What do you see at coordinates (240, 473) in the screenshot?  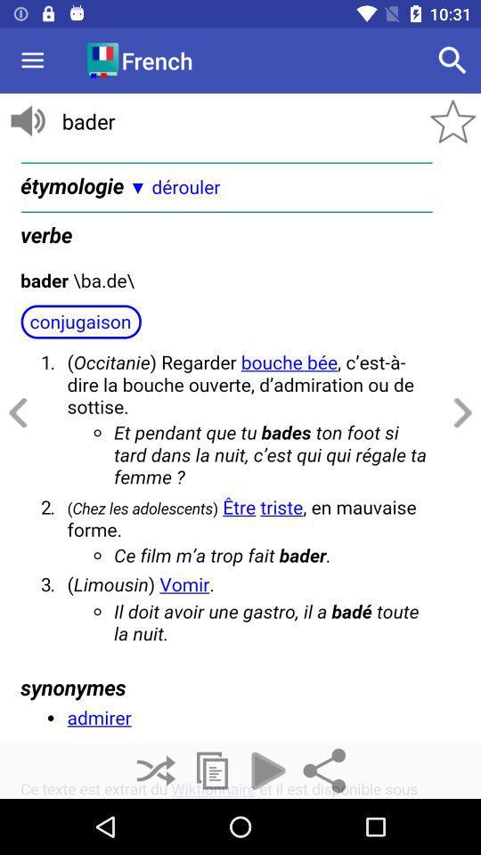 I see `text page` at bounding box center [240, 473].